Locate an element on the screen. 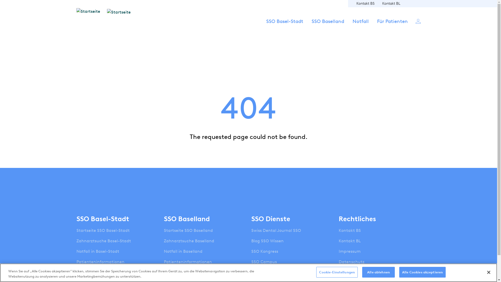 Image resolution: width=501 pixels, height=282 pixels. 'Cookie-Einstellungen' is located at coordinates (337, 272).